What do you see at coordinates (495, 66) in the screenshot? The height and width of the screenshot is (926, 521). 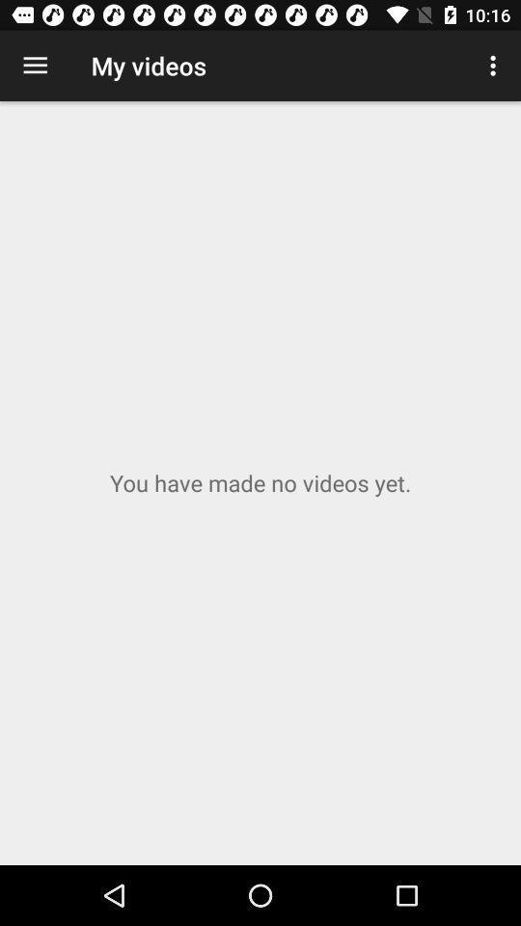 I see `item to the right of my videos` at bounding box center [495, 66].